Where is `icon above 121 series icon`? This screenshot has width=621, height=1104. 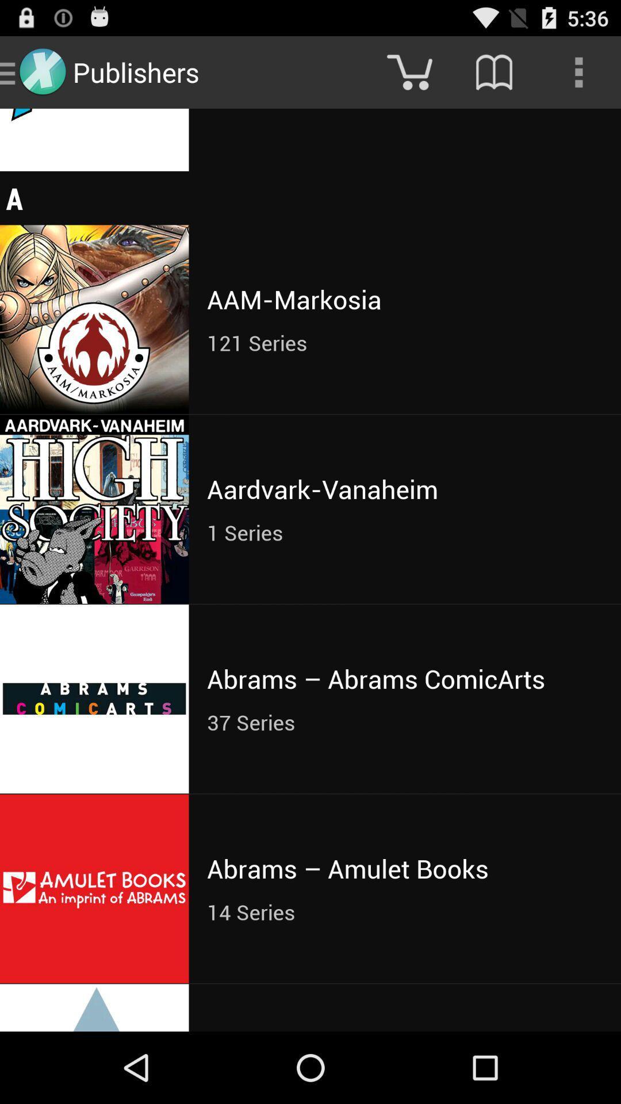
icon above 121 series icon is located at coordinates (404, 299).